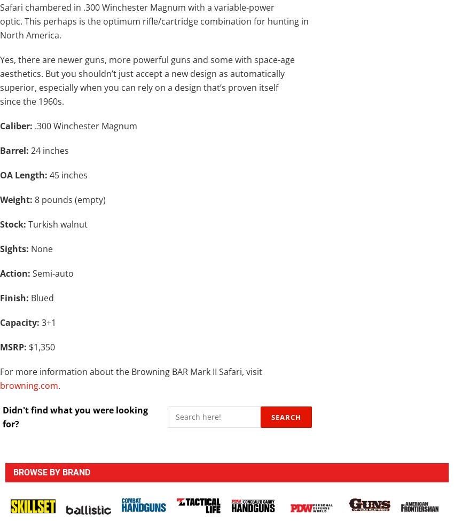 The width and height of the screenshot is (454, 524). I want to click on 'Stock:', so click(12, 223).